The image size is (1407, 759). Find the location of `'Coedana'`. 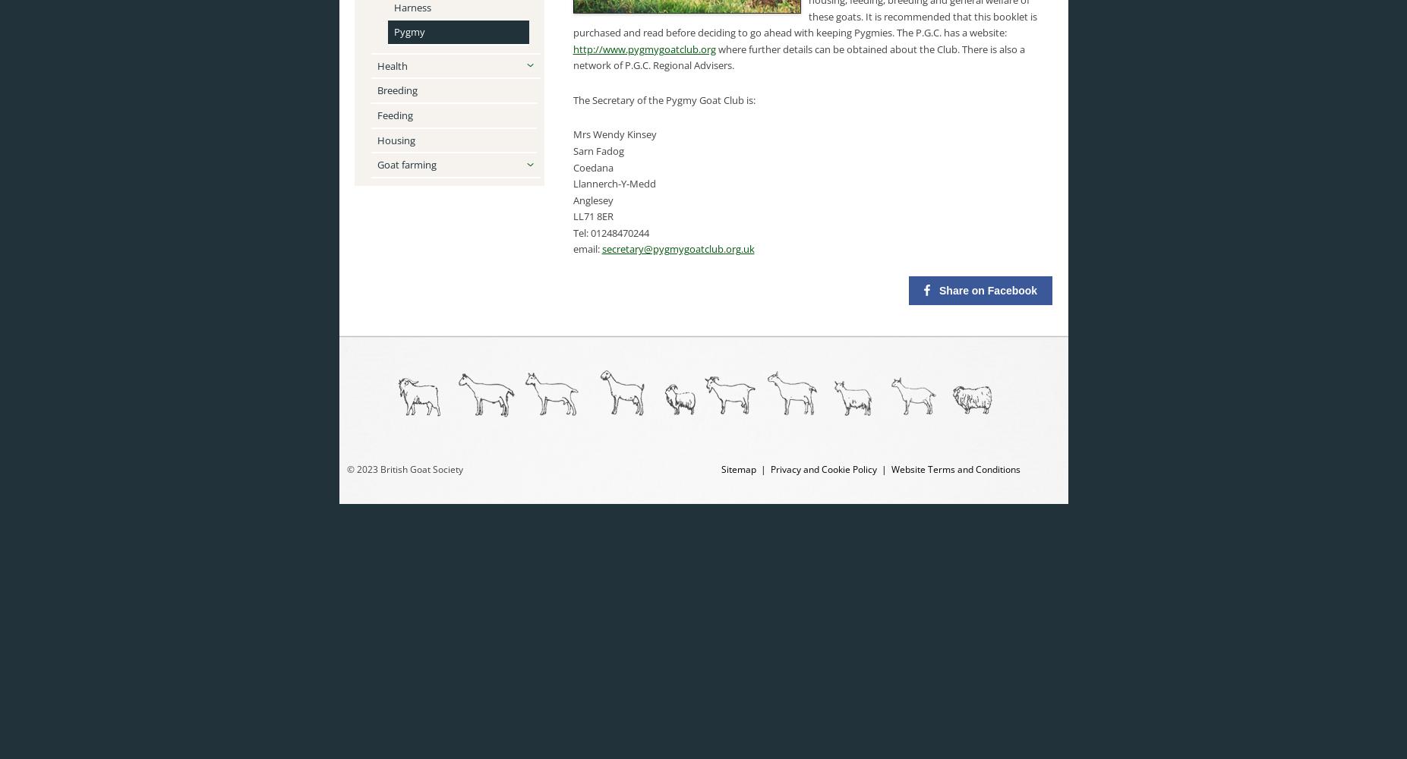

'Coedana' is located at coordinates (592, 166).